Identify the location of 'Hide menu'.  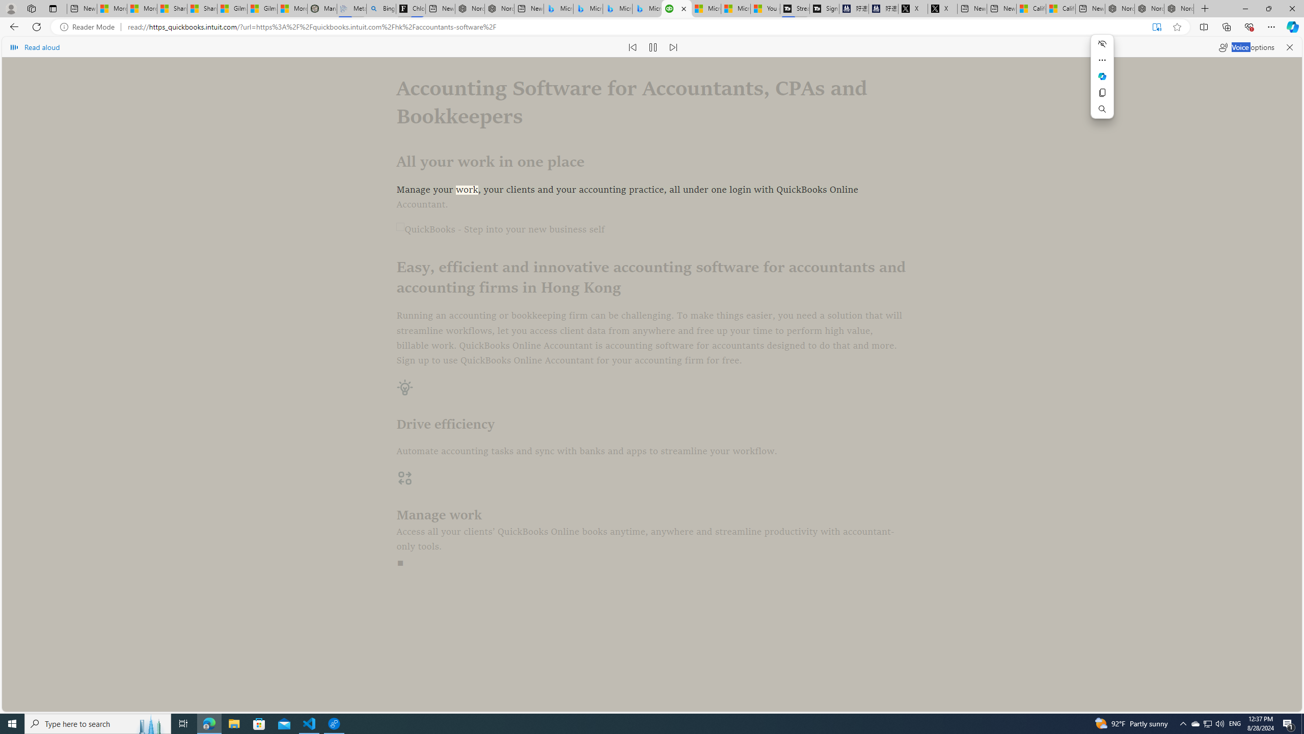
(1102, 43).